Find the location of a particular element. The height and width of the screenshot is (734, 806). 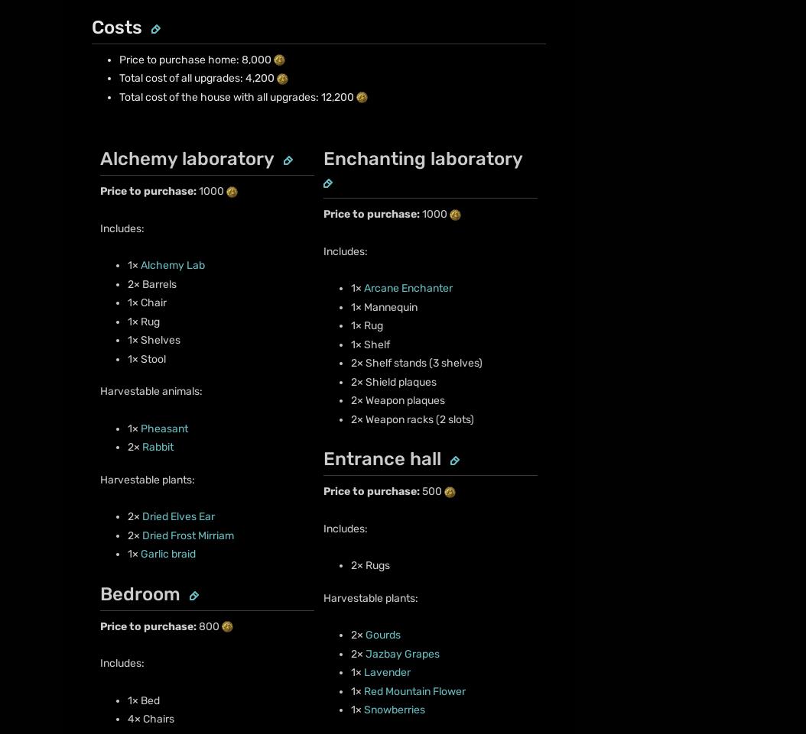

'Fandom Apps' is located at coordinates (98, 611).